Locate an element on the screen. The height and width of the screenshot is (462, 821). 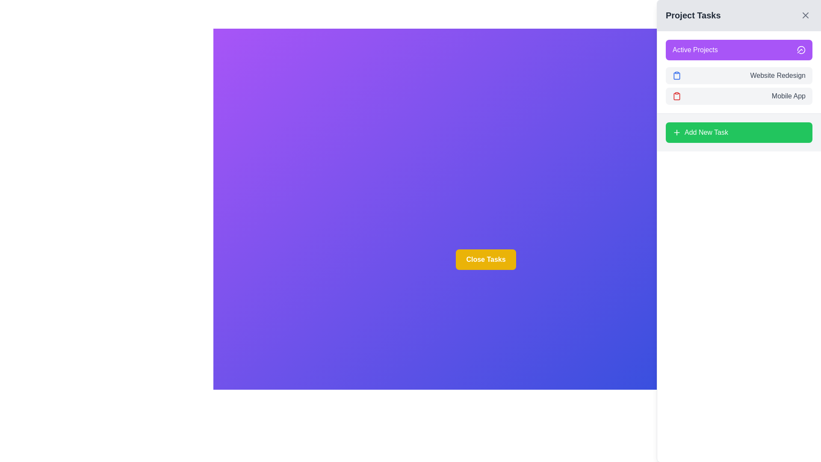
the Close Icon located at the top right corner of the 'Project Tasks' side panel is located at coordinates (805, 15).